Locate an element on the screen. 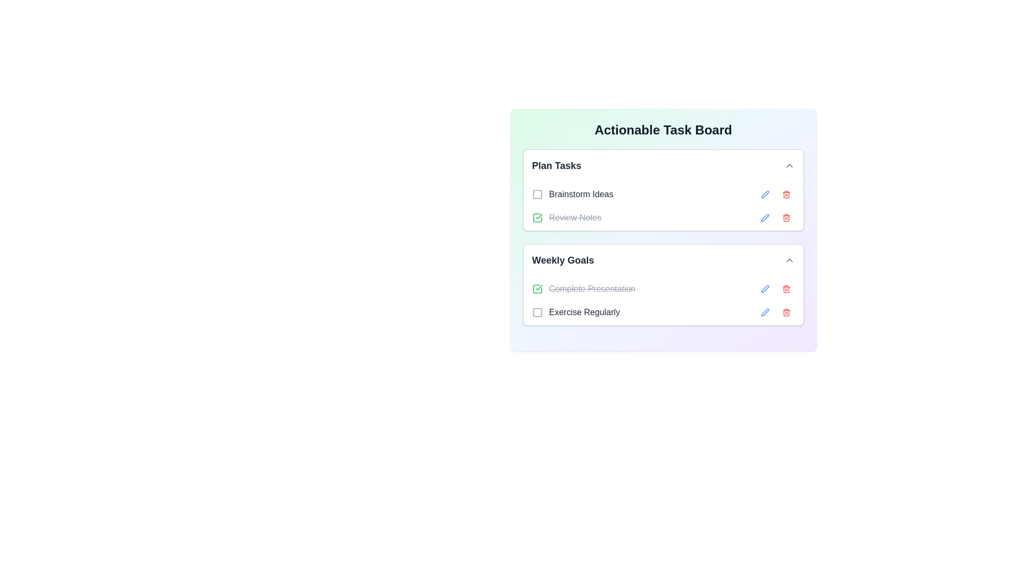 The height and width of the screenshot is (574, 1021). the delete button located at the far-right side of the 'Weekly Goals' task row is located at coordinates (786, 289).